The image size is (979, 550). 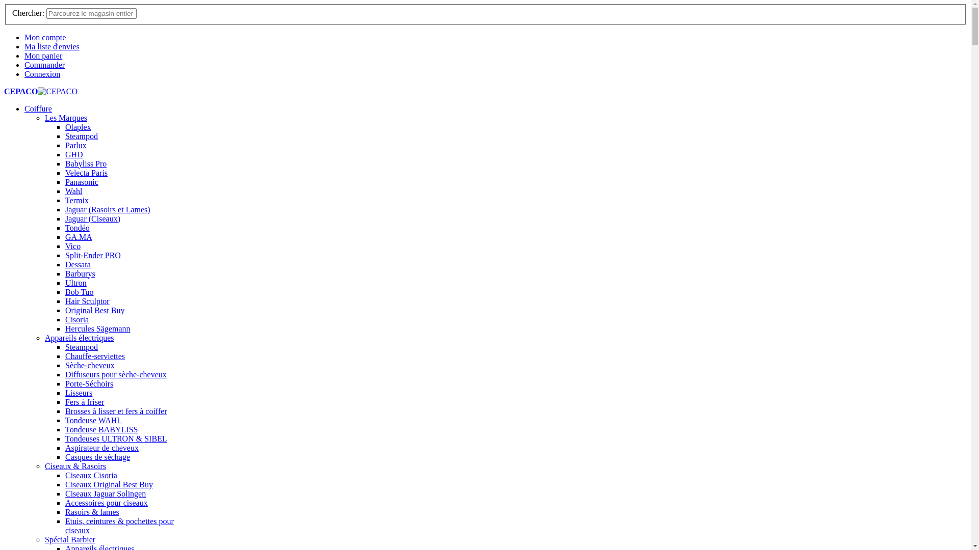 I want to click on 'Original Best Buy', so click(x=95, y=310).